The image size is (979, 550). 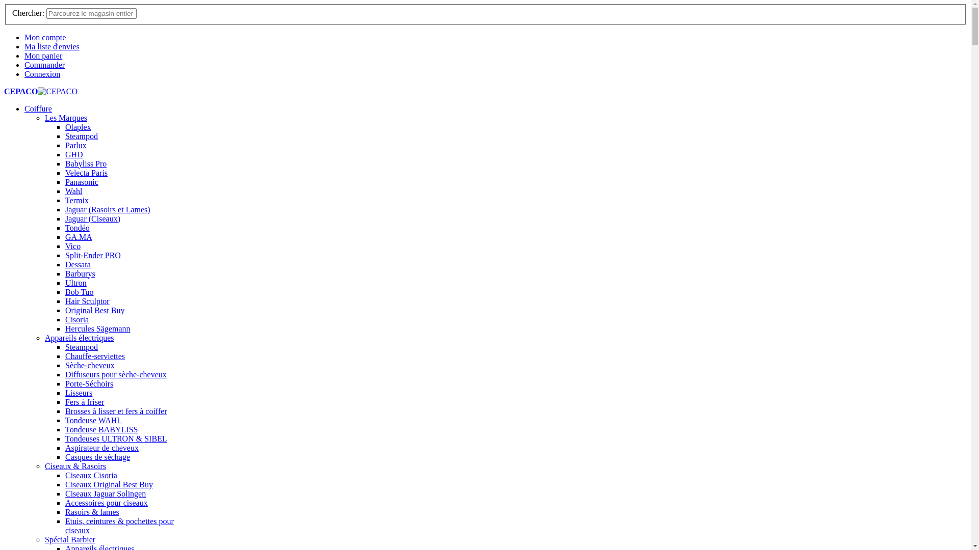 I want to click on 'Original Best Buy', so click(x=95, y=310).